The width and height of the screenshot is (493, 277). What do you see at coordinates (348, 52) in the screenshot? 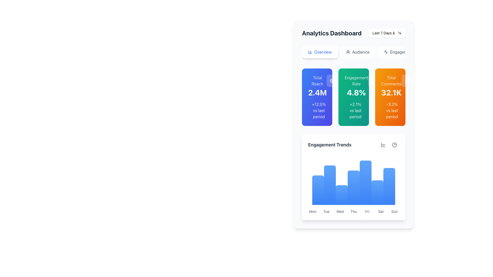
I see `the icon resembling a group of users next to the text label 'Audience'` at bounding box center [348, 52].